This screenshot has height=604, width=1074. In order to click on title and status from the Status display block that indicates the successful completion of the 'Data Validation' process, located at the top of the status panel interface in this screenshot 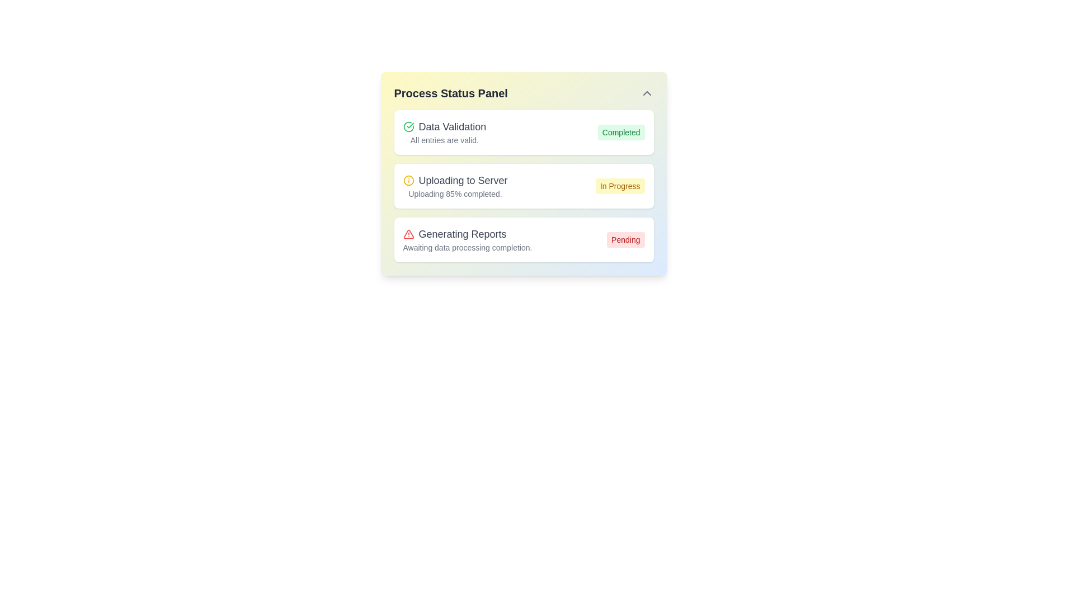, I will do `click(523, 131)`.